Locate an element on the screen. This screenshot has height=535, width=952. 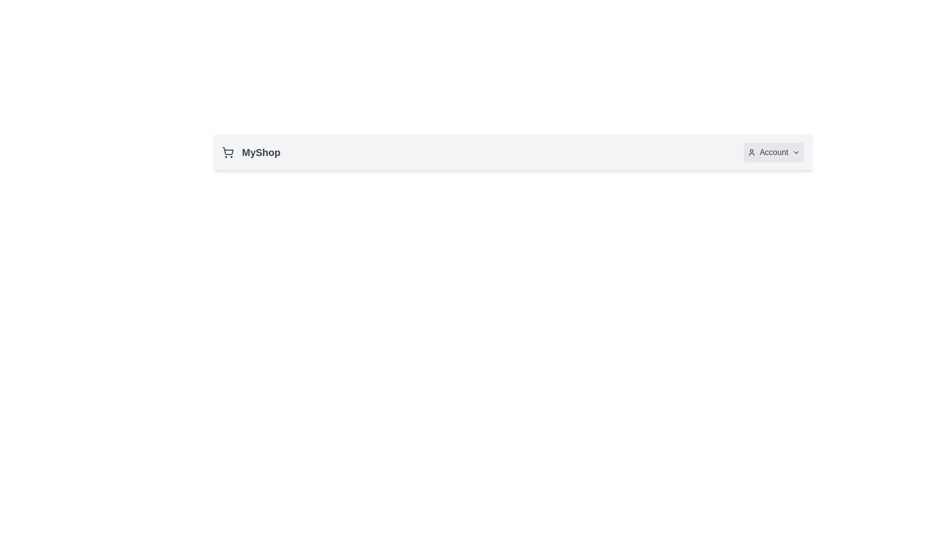
the minimalist user icon located to the left of the 'Account' text in the top-right navigation bar is located at coordinates (752, 153).